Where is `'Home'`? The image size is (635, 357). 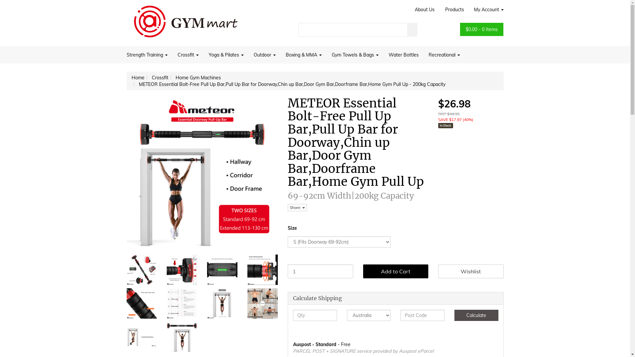 'Home' is located at coordinates (132, 77).